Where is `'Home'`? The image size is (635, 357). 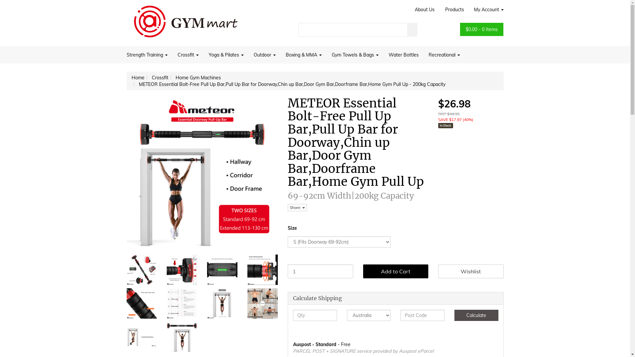 'Home' is located at coordinates (132, 77).